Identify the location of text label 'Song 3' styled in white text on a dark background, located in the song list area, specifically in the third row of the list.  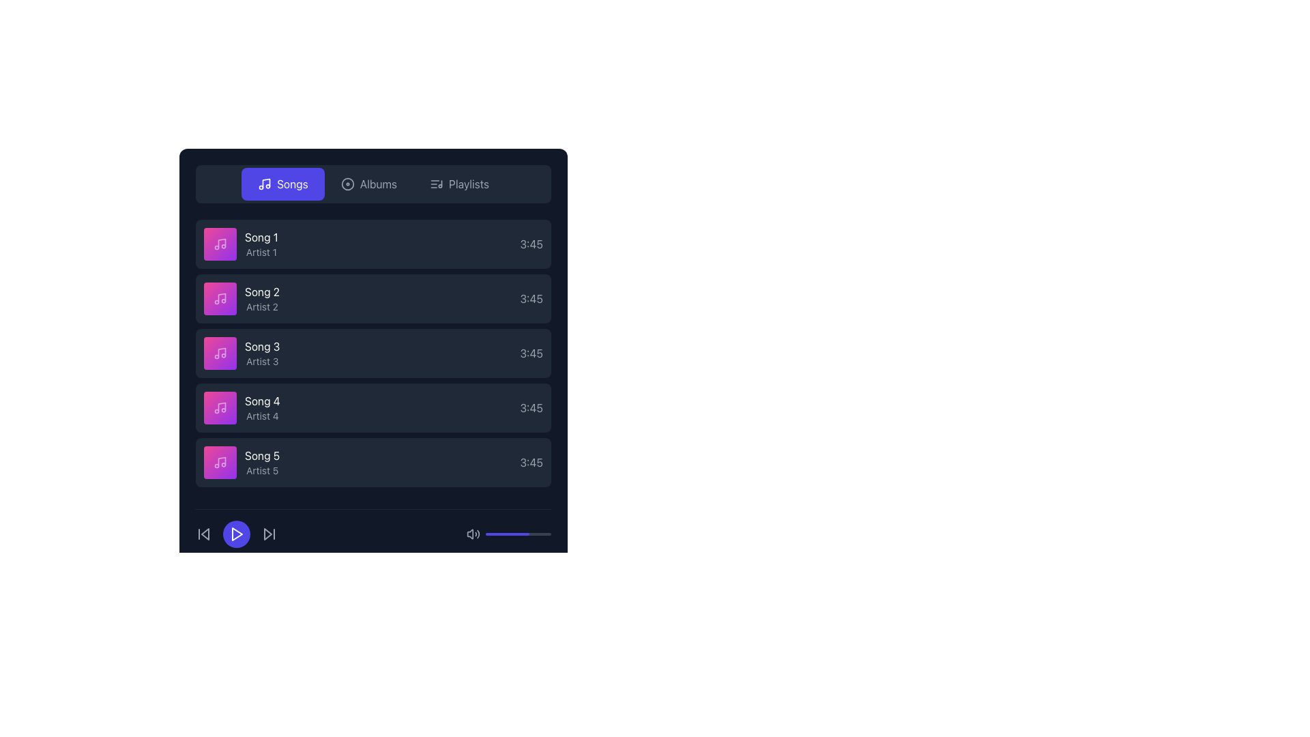
(262, 346).